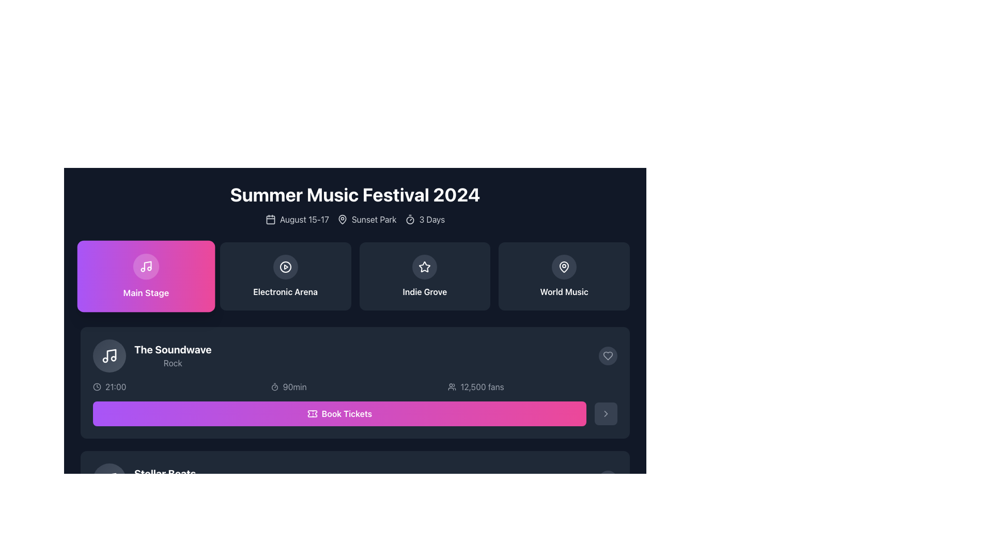 This screenshot has height=558, width=992. Describe the element at coordinates (164, 474) in the screenshot. I see `the text label 'Stellar Beats', which serves as a title for an event, located near the bottom of the interface` at that location.